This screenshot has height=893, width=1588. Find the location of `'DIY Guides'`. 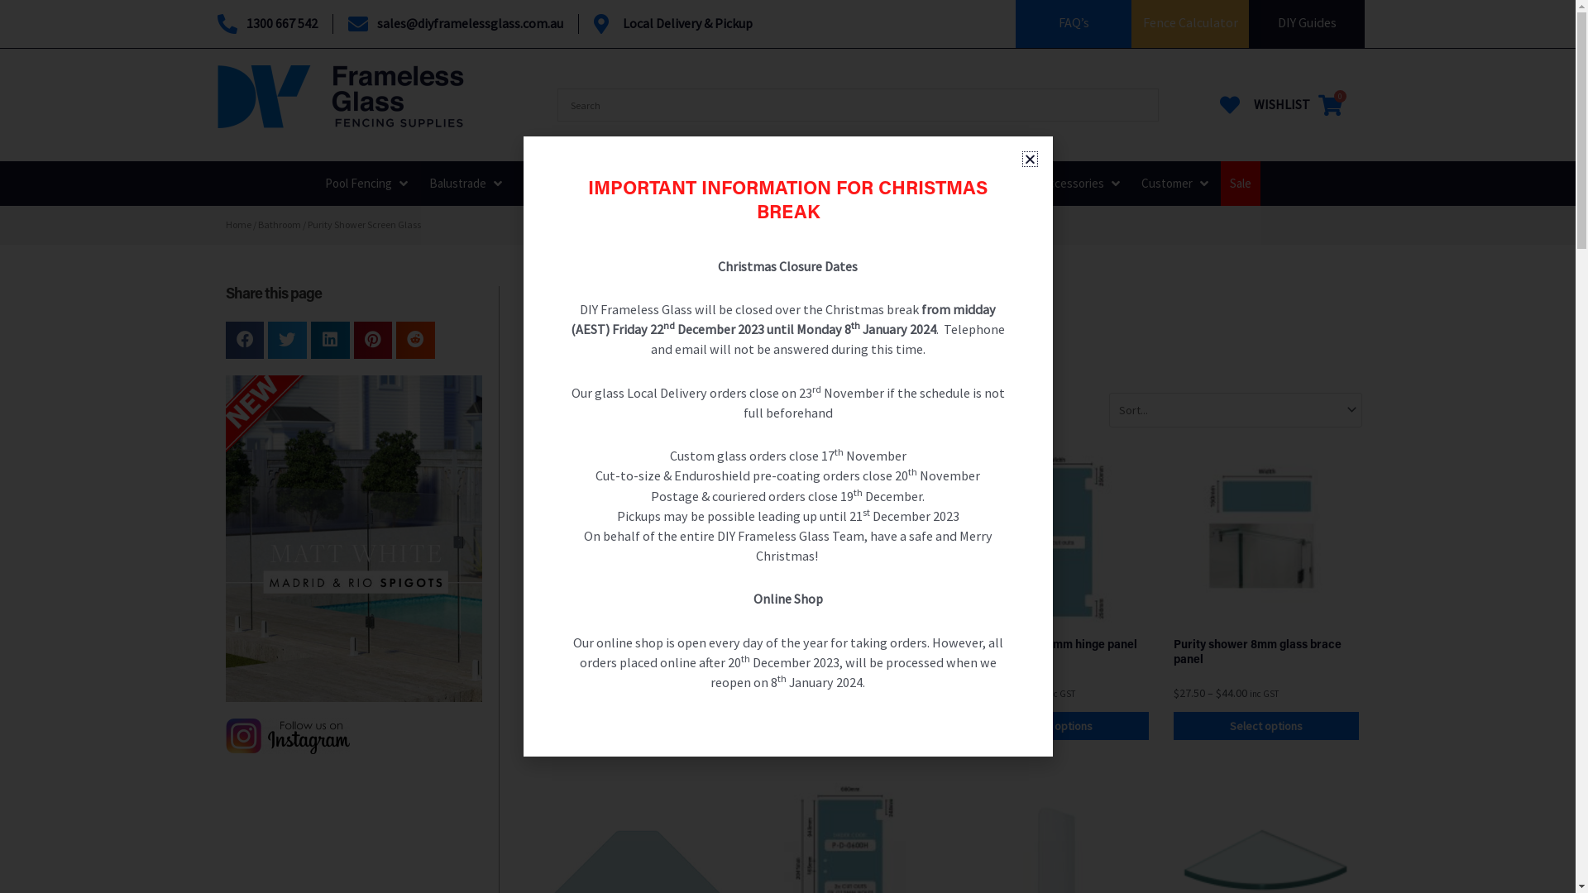

'DIY Guides' is located at coordinates (1306, 22).